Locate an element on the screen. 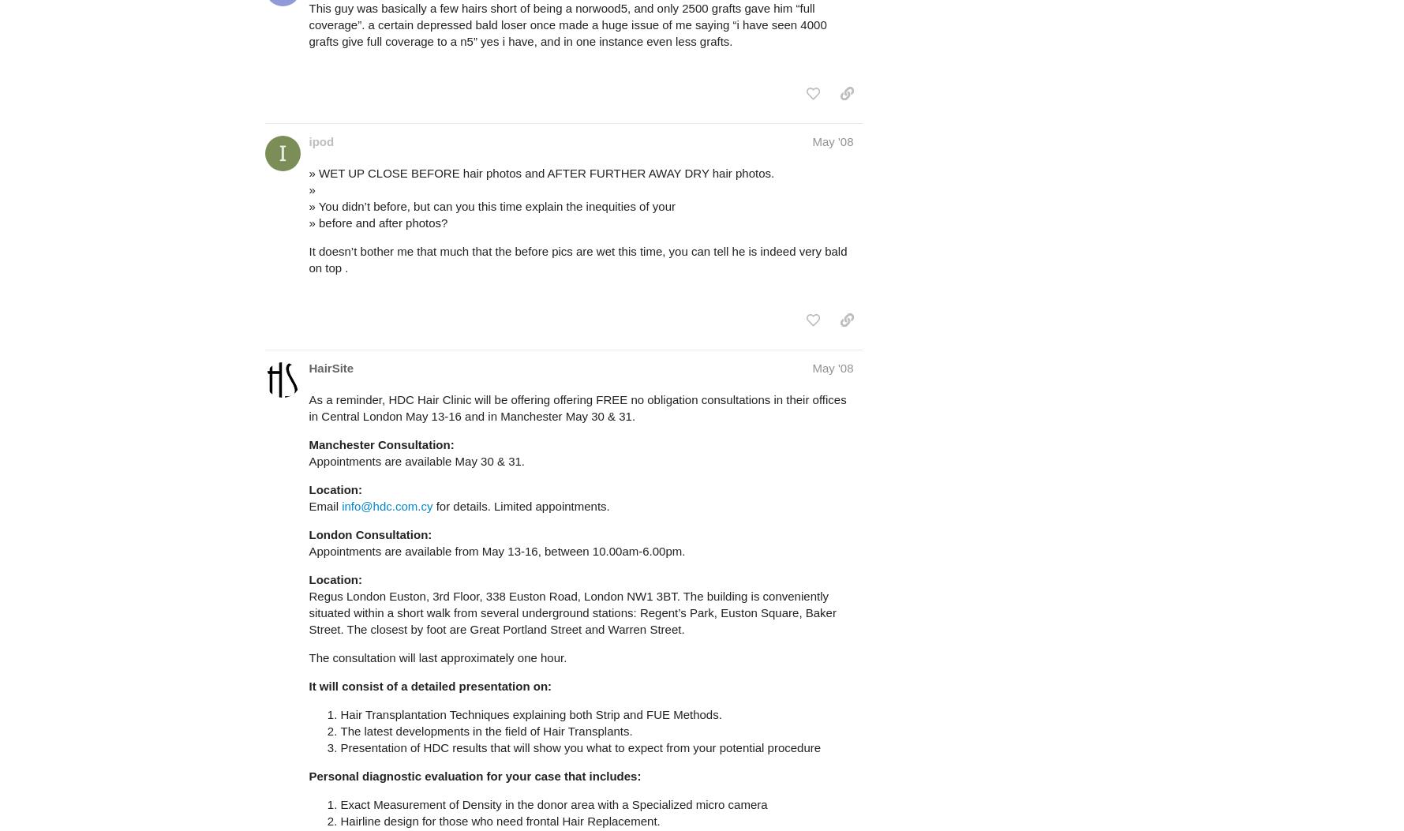 This screenshot has height=831, width=1404. 'HairSite' is located at coordinates (331, 367).